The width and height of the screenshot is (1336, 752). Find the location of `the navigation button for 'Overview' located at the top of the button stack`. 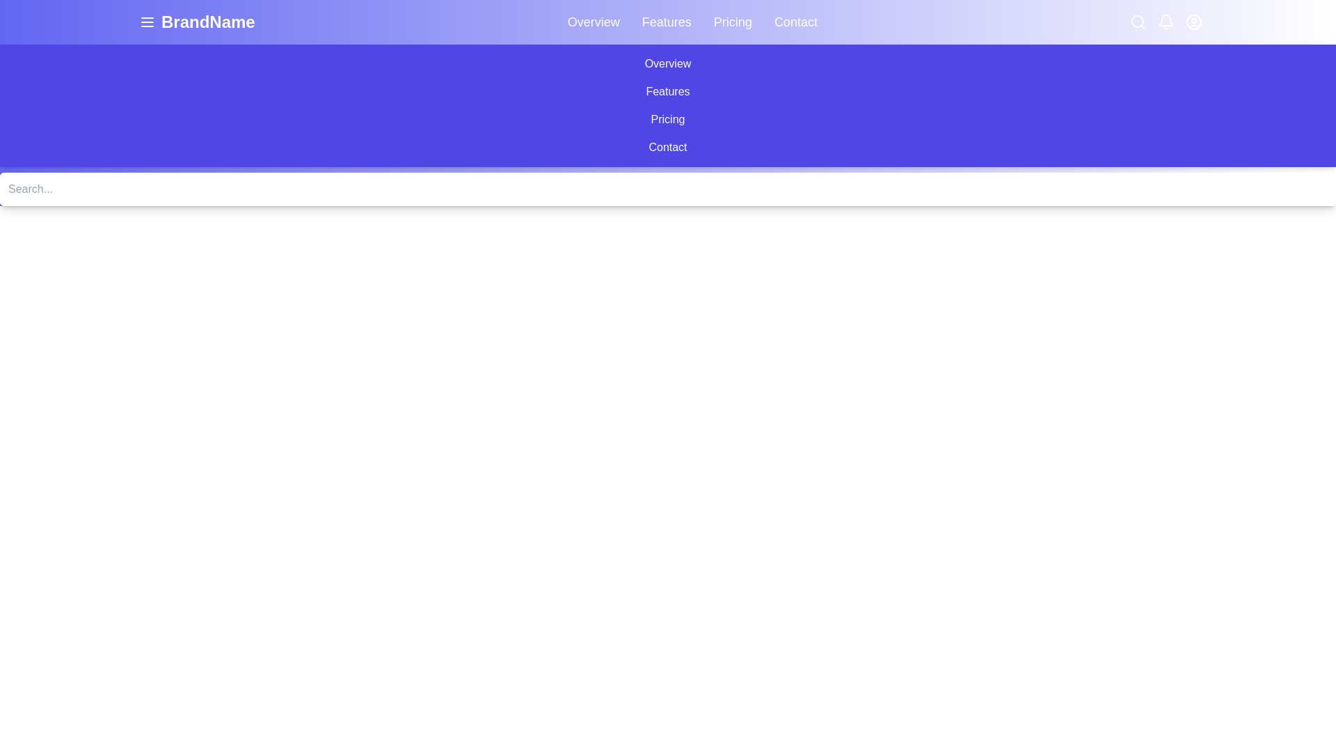

the navigation button for 'Overview' located at the top of the button stack is located at coordinates (668, 64).